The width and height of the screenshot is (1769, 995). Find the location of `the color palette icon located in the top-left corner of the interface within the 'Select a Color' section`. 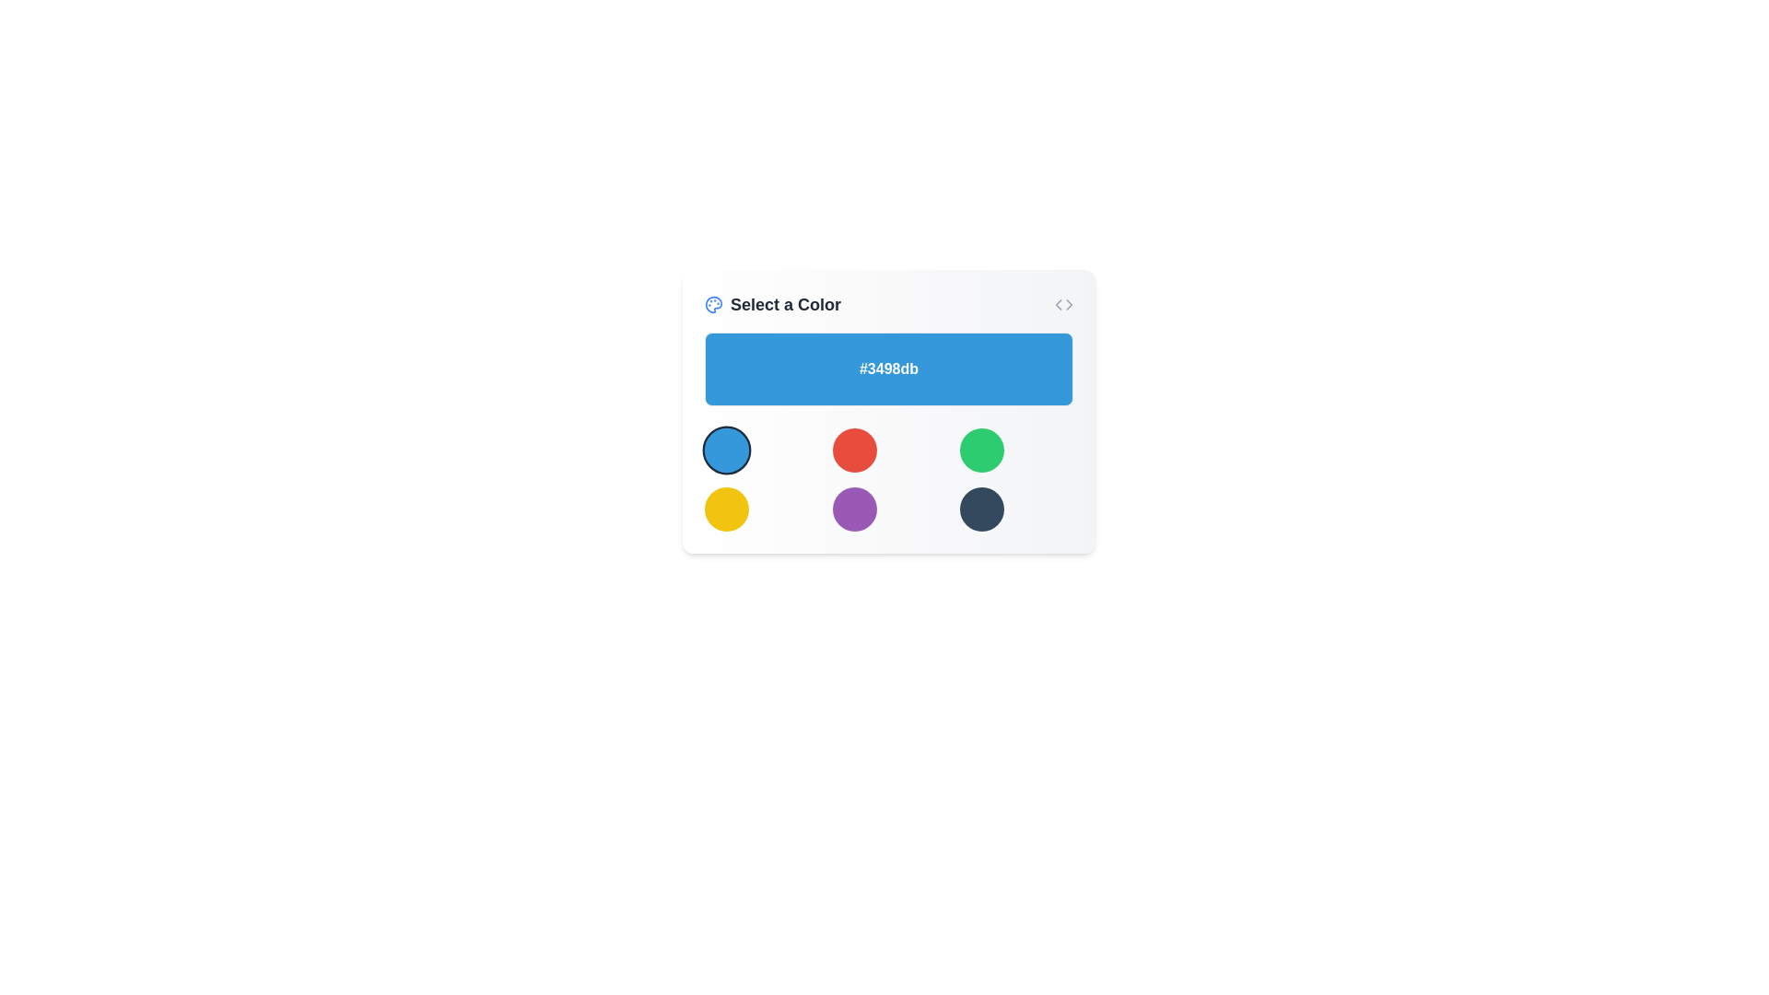

the color palette icon located in the top-left corner of the interface within the 'Select a Color' section is located at coordinates (712, 304).